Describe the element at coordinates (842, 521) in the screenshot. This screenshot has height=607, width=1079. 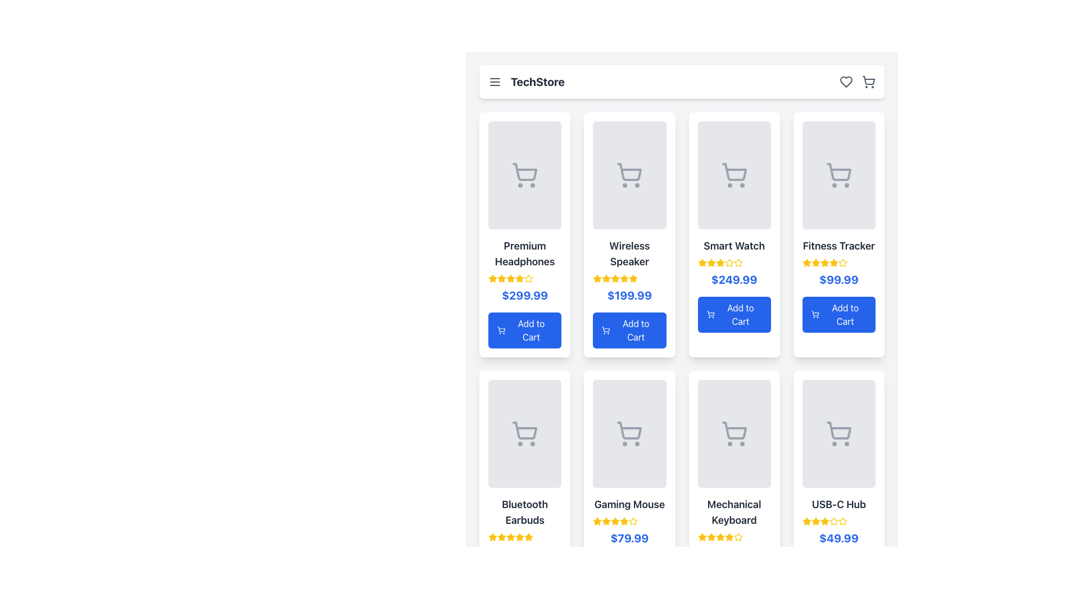
I see `the fifth star icon in the rating system for the USB-C Hub product, which is a golden yellow star indicating its rating` at that location.